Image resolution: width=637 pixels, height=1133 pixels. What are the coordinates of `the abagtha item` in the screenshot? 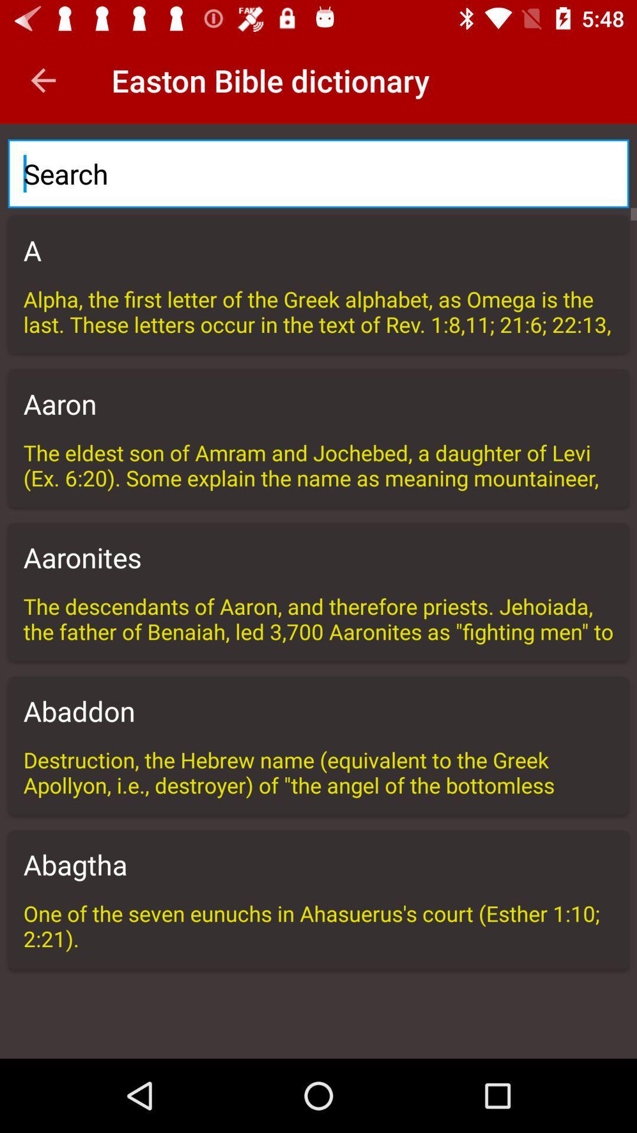 It's located at (318, 865).